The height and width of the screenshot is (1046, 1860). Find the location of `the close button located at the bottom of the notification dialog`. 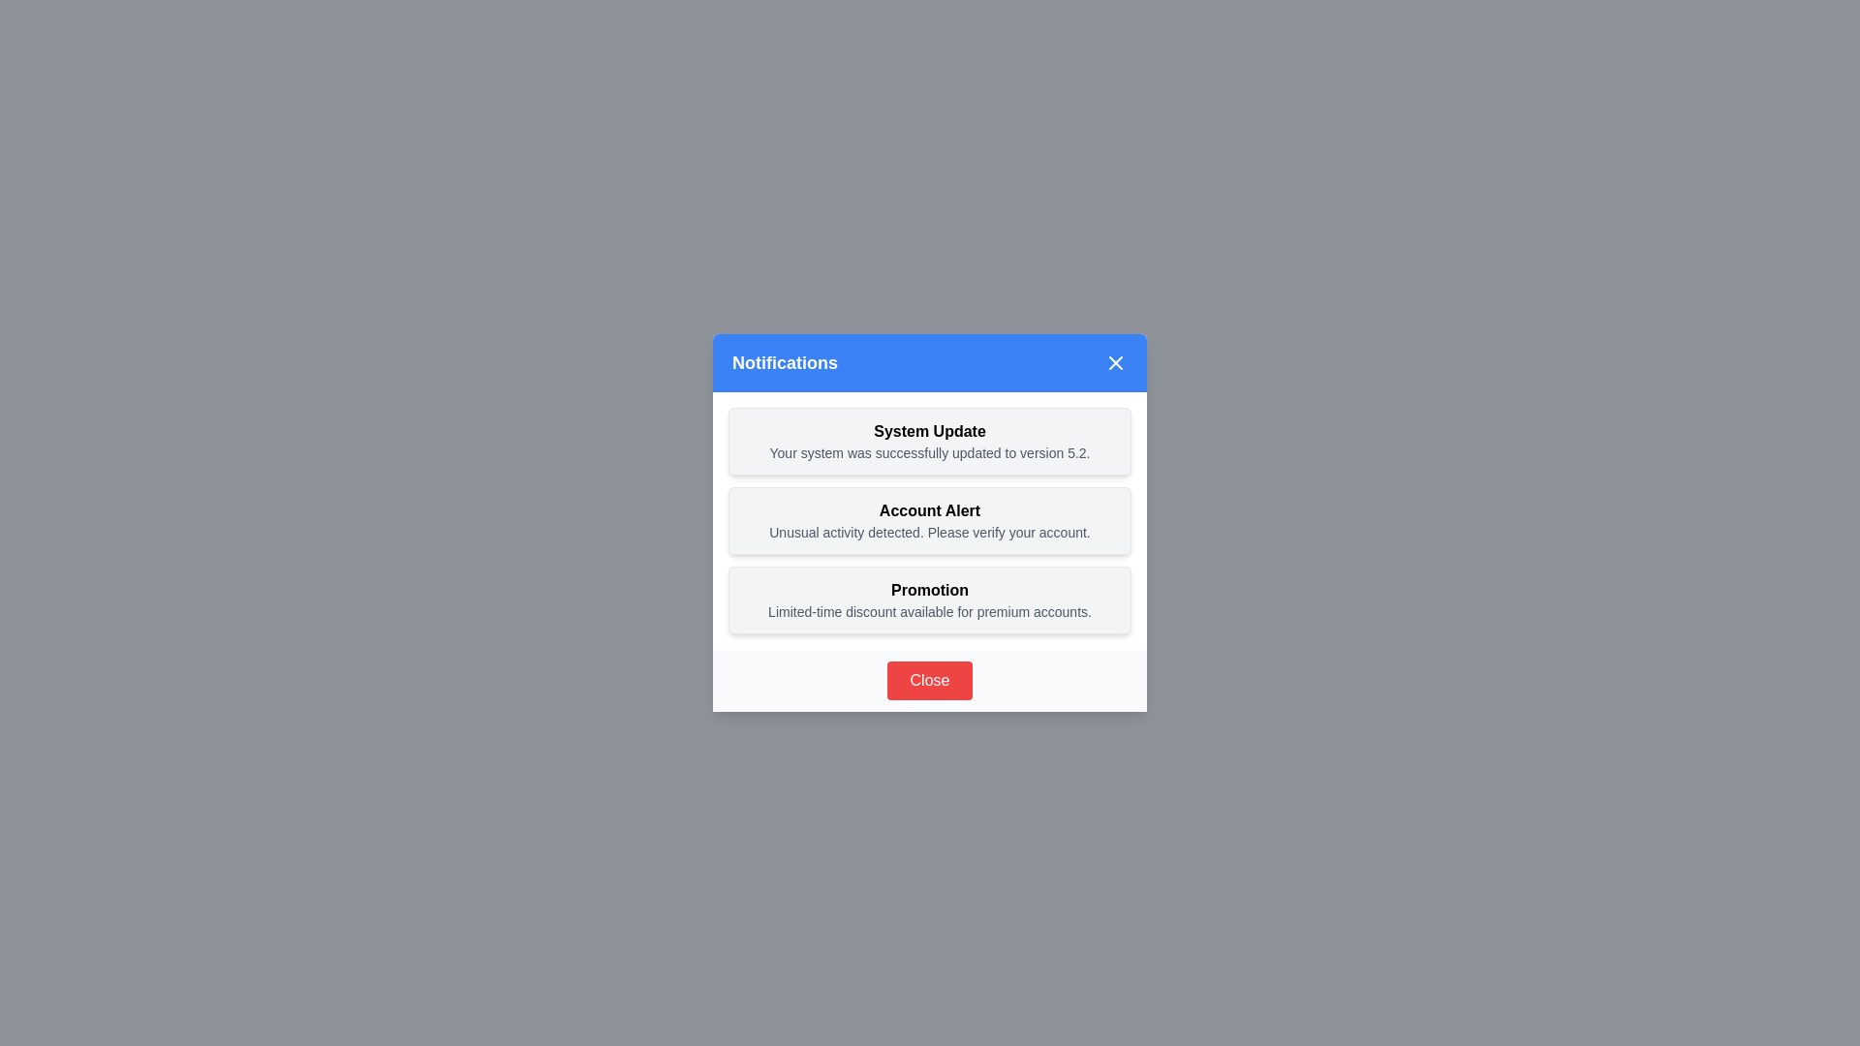

the close button located at the bottom of the notification dialog is located at coordinates (930, 679).